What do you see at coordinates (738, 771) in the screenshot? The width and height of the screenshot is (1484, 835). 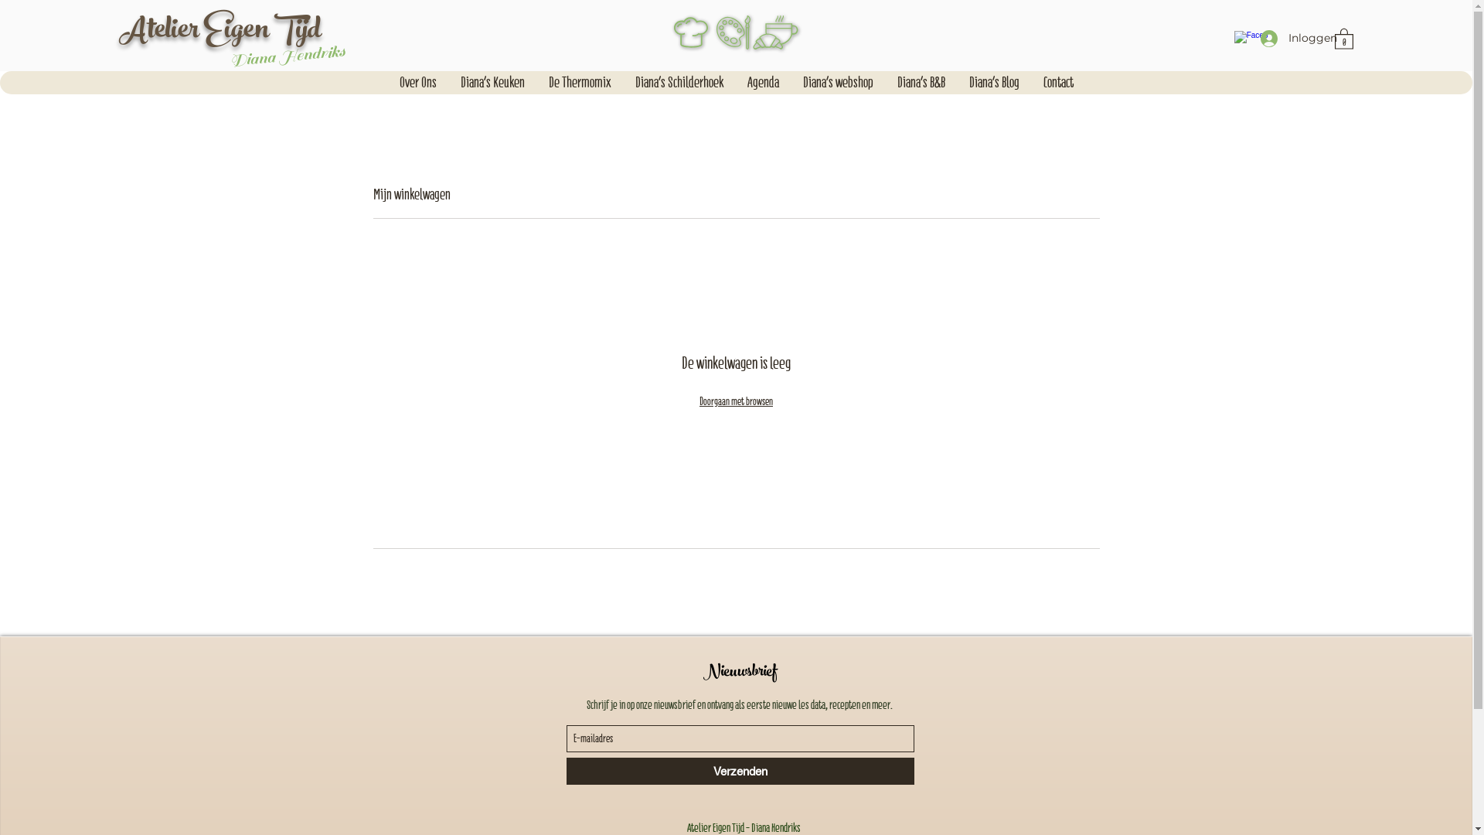 I see `'Verzenden'` at bounding box center [738, 771].